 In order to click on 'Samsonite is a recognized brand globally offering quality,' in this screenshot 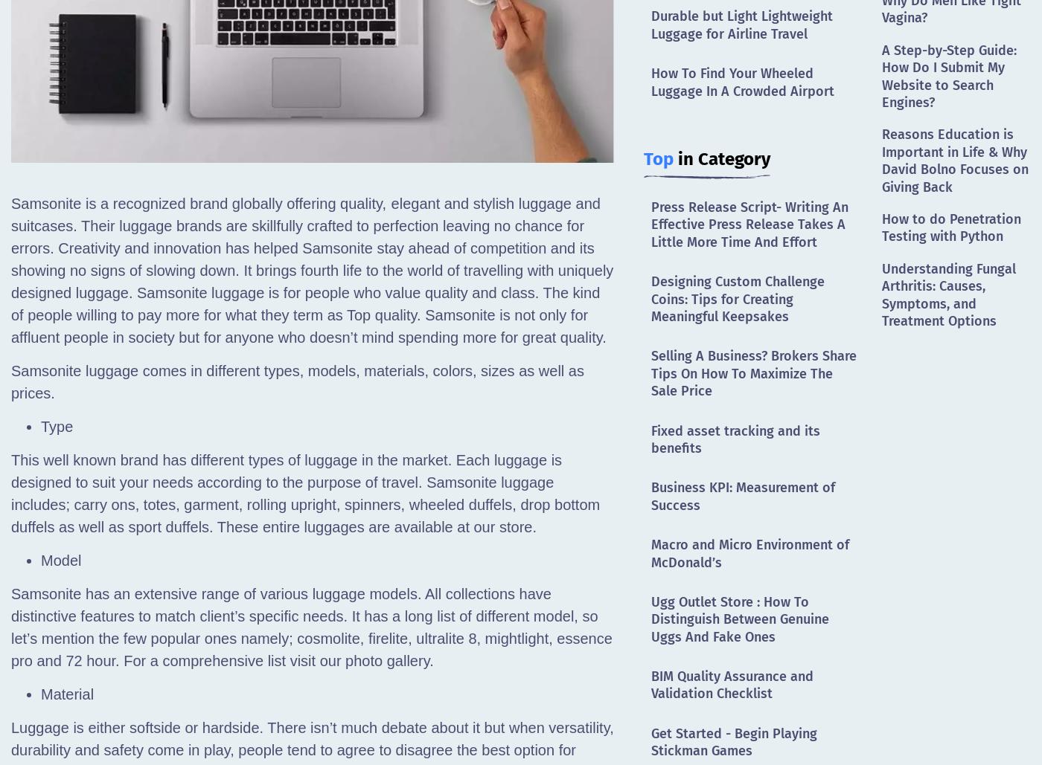, I will do `click(198, 203)`.